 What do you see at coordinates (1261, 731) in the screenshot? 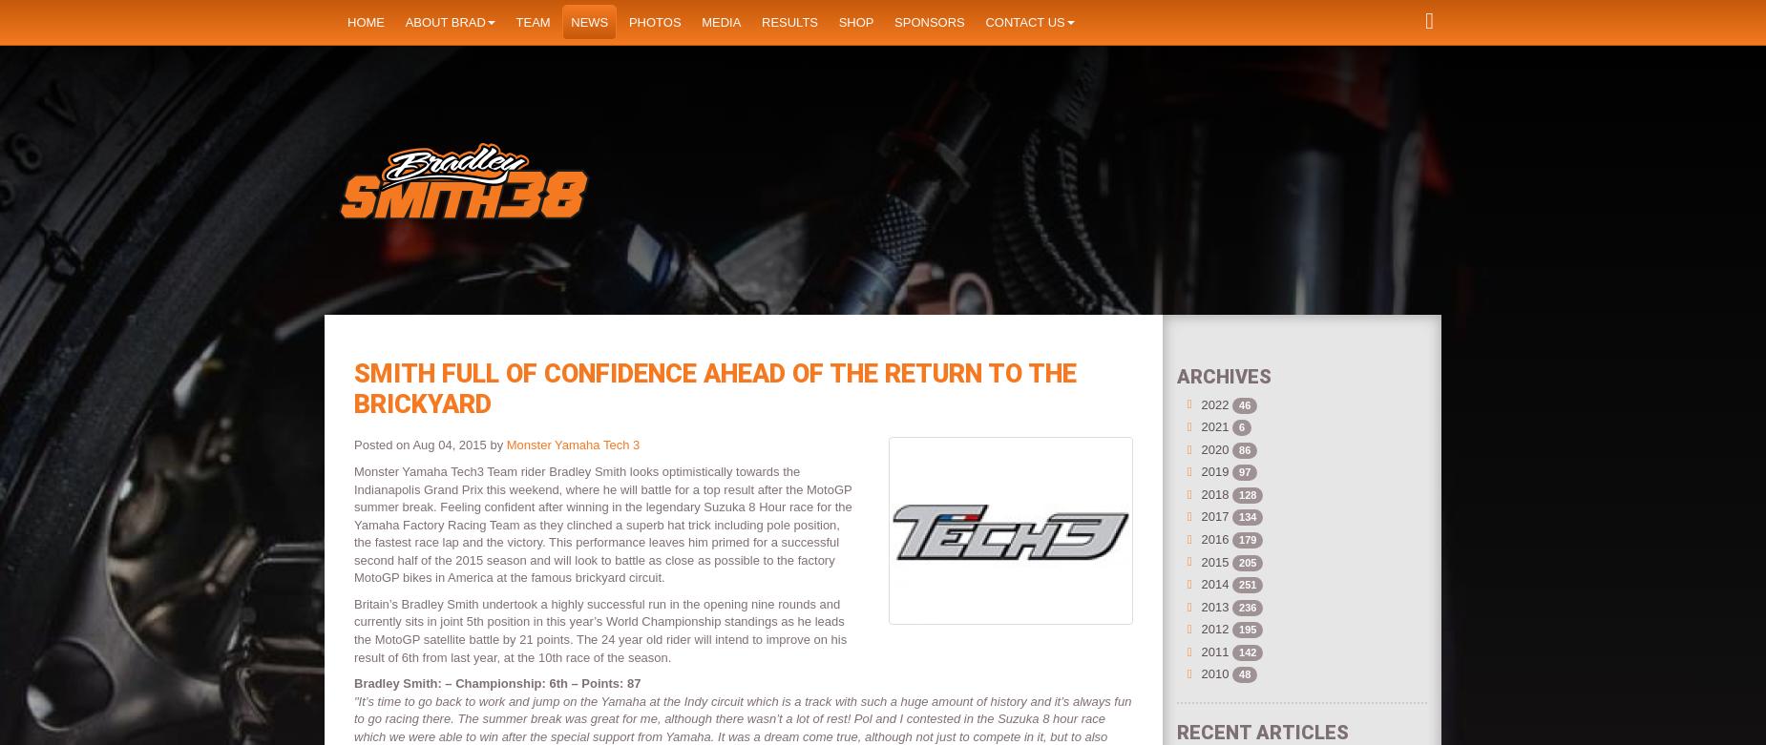
I see `'Recent Articles'` at bounding box center [1261, 731].